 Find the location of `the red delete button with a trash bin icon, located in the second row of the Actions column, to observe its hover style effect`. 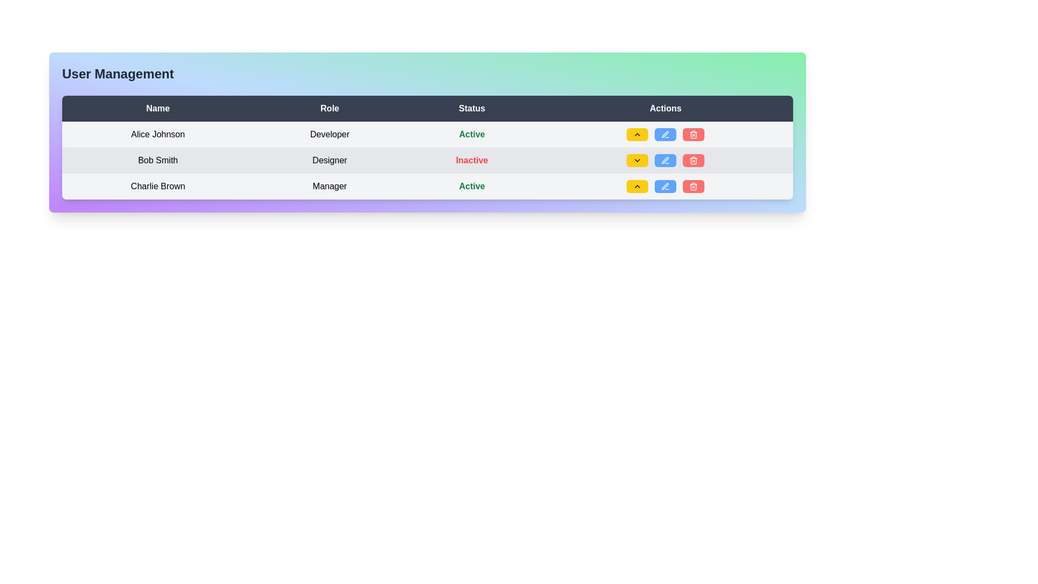

the red delete button with a trash bin icon, located in the second row of the Actions column, to observe its hover style effect is located at coordinates (694, 161).